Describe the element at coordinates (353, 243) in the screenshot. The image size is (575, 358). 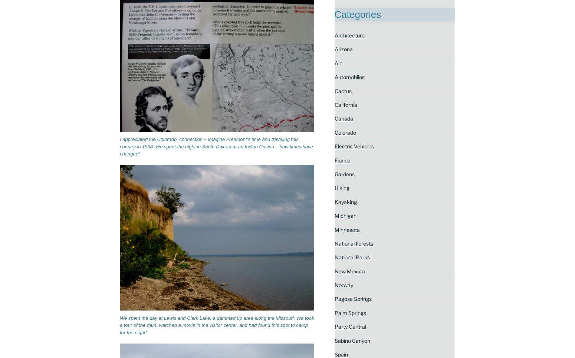
I see `'National Forests'` at that location.